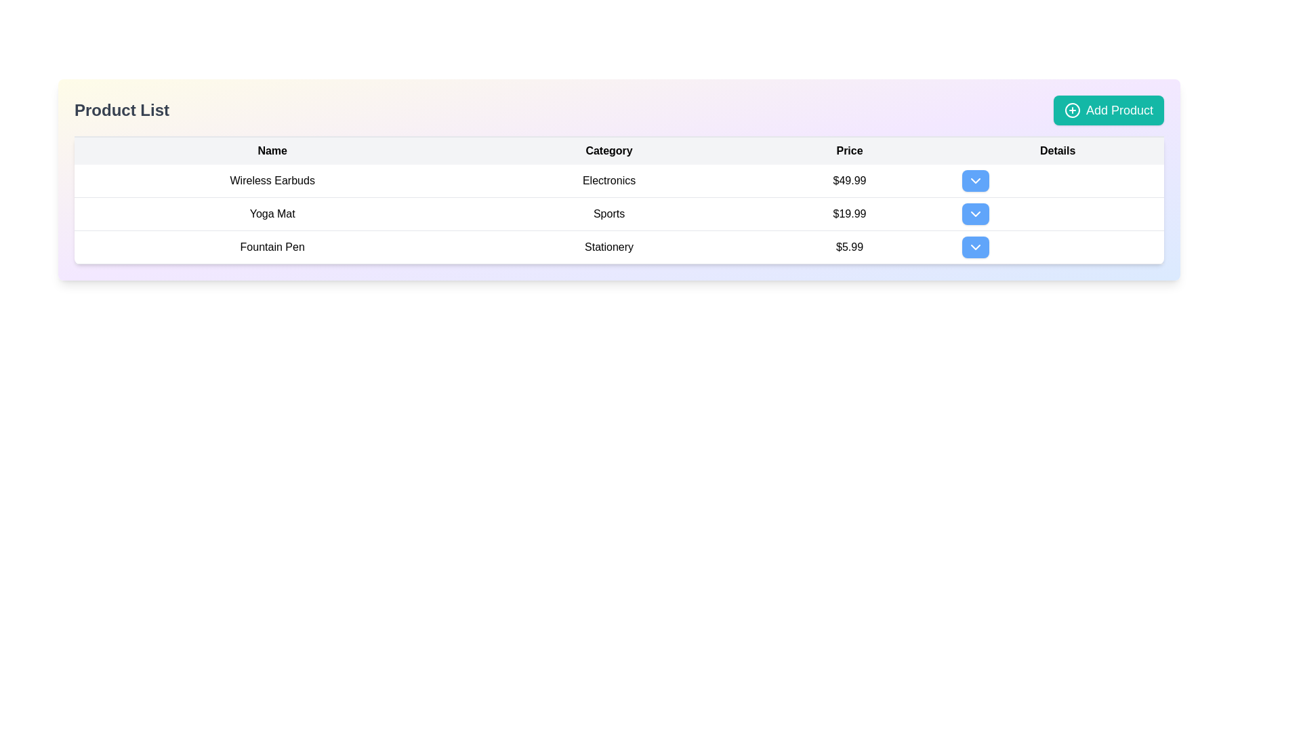 The width and height of the screenshot is (1301, 732). I want to click on the 'Sports' text label in the 'Category' column of the 'Yoga Mat' row, so click(608, 213).